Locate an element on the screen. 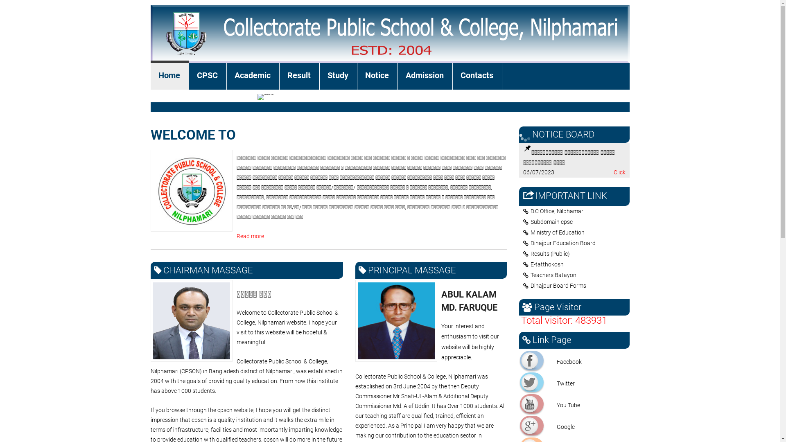 The width and height of the screenshot is (786, 442). 'Teachers Batayon' is located at coordinates (576, 275).